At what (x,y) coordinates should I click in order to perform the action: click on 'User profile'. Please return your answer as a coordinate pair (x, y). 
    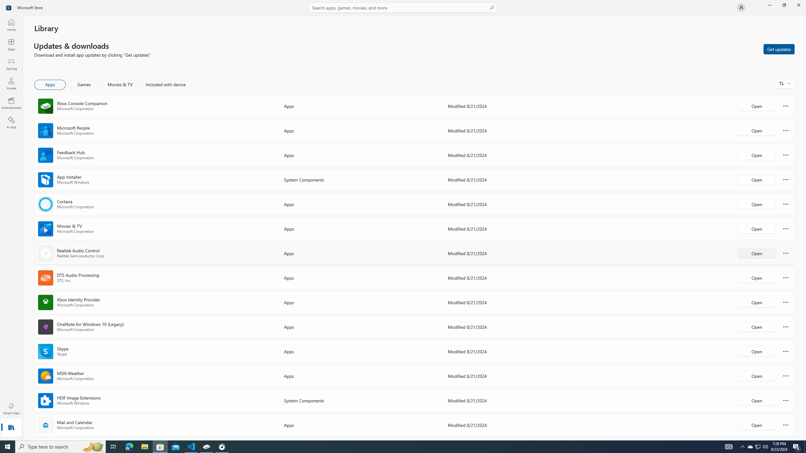
    Looking at the image, I should click on (741, 7).